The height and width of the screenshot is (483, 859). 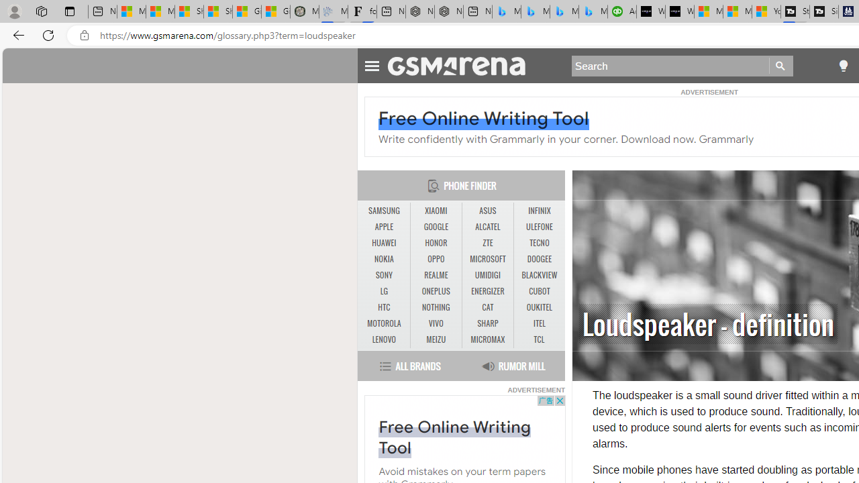 What do you see at coordinates (436, 243) in the screenshot?
I see `'HONOR'` at bounding box center [436, 243].